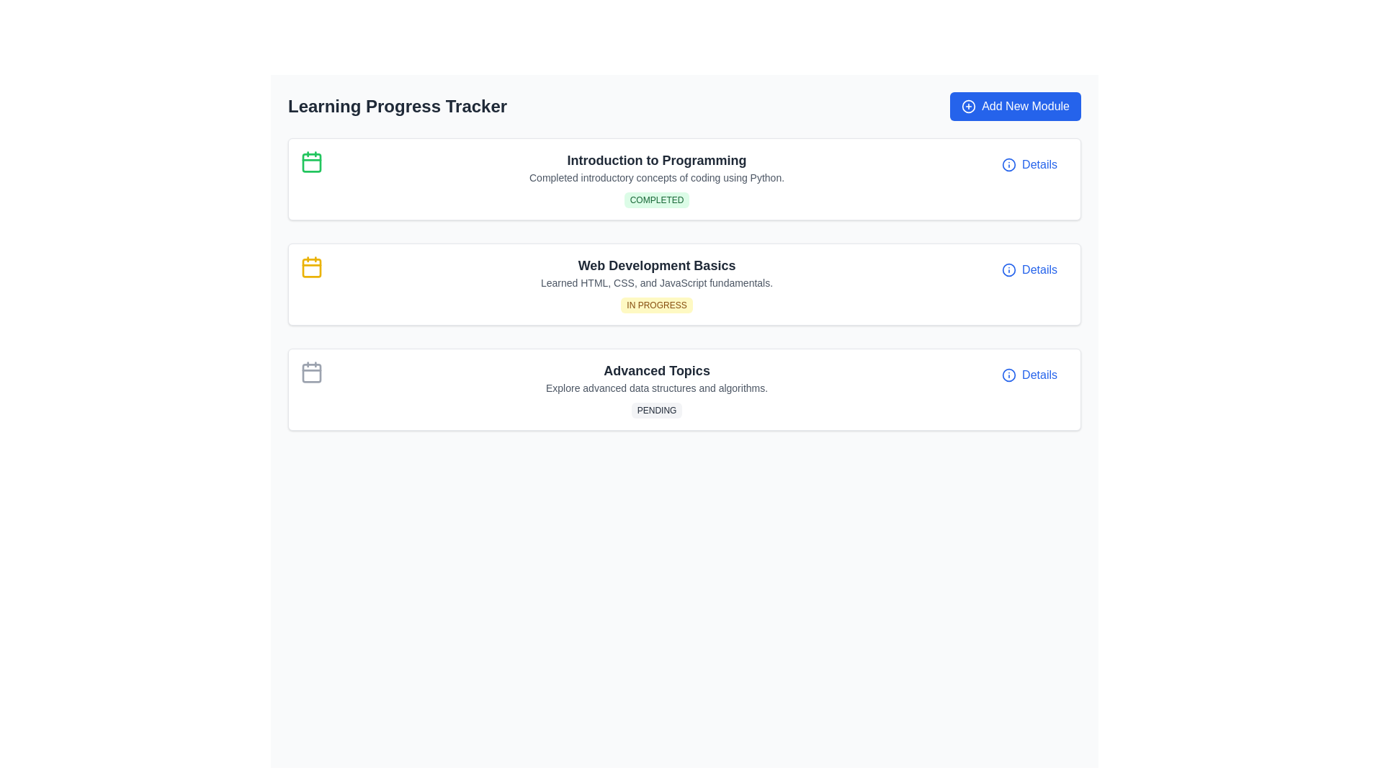 The height and width of the screenshot is (778, 1383). What do you see at coordinates (1008, 374) in the screenshot?
I see `the SVG Circle element within the 'Details' button icon of the third card representing 'Advanced Topics'` at bounding box center [1008, 374].